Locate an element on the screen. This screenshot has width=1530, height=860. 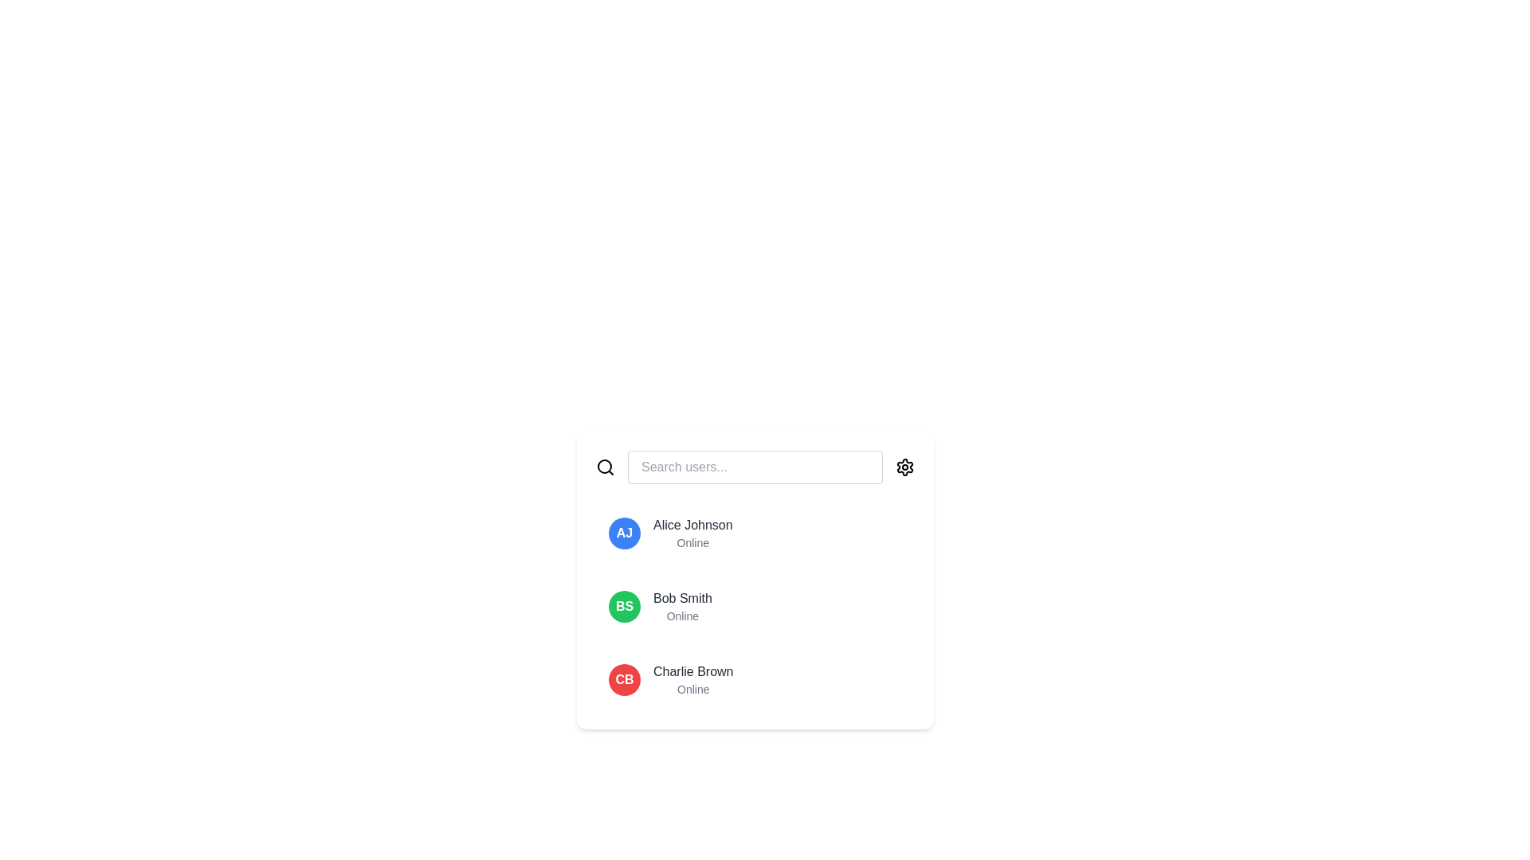
the user profile snippet displaying the name and online status, located below 'Alice Johnson' and above 'Charlie Brown' in the contact list is located at coordinates (682, 607).